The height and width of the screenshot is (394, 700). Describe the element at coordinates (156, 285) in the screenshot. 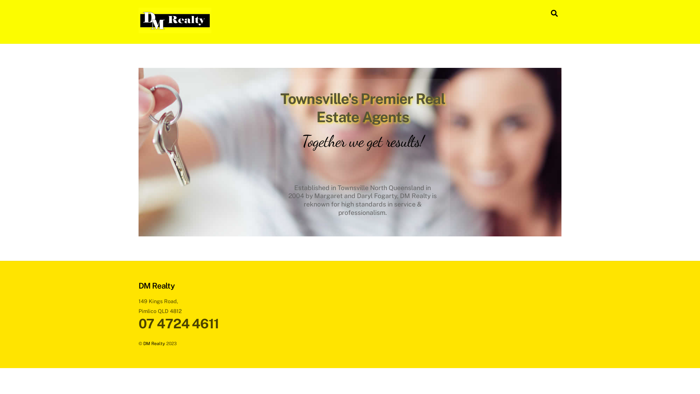

I see `'DM Realty'` at that location.